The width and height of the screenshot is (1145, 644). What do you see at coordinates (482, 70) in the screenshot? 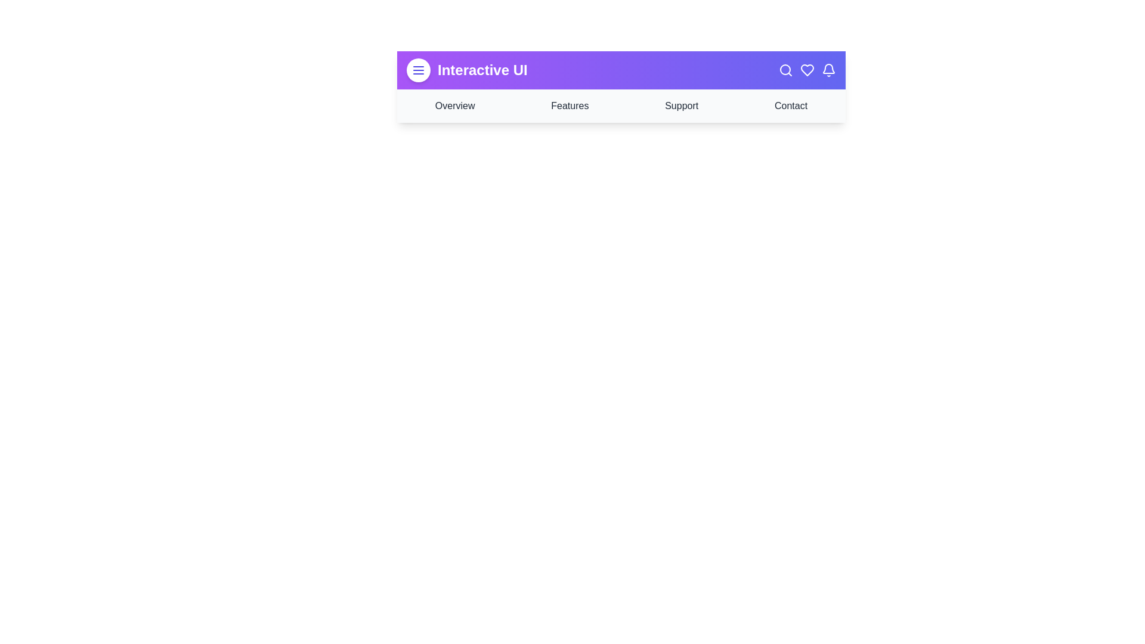
I see `the title 'Interactive UI' located in the center of the app bar` at bounding box center [482, 70].